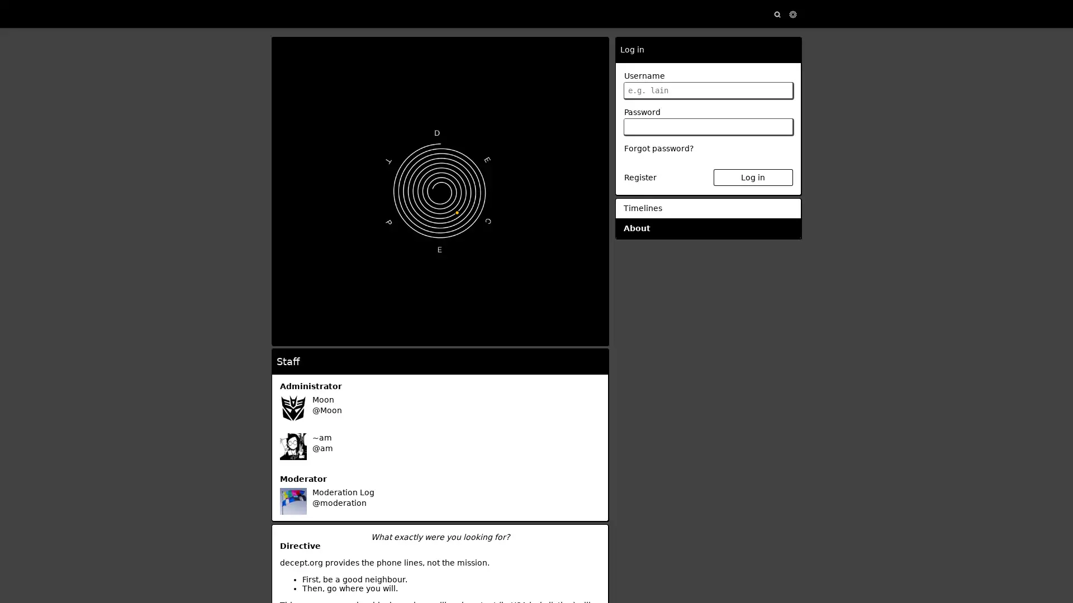  Describe the element at coordinates (708, 208) in the screenshot. I see `Timelines` at that location.